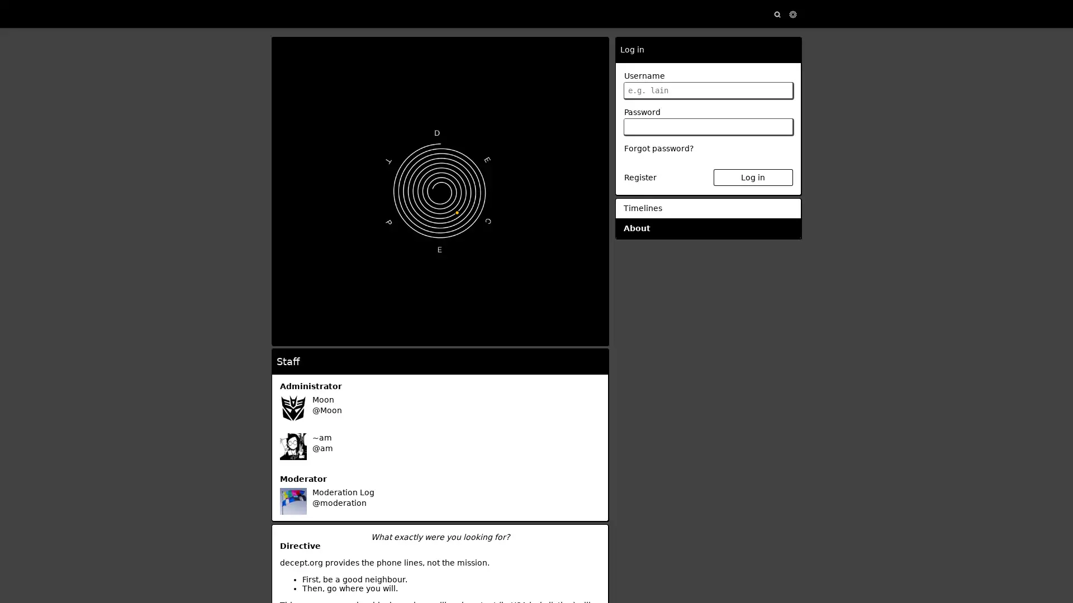  Describe the element at coordinates (708, 208) in the screenshot. I see `Timelines` at that location.